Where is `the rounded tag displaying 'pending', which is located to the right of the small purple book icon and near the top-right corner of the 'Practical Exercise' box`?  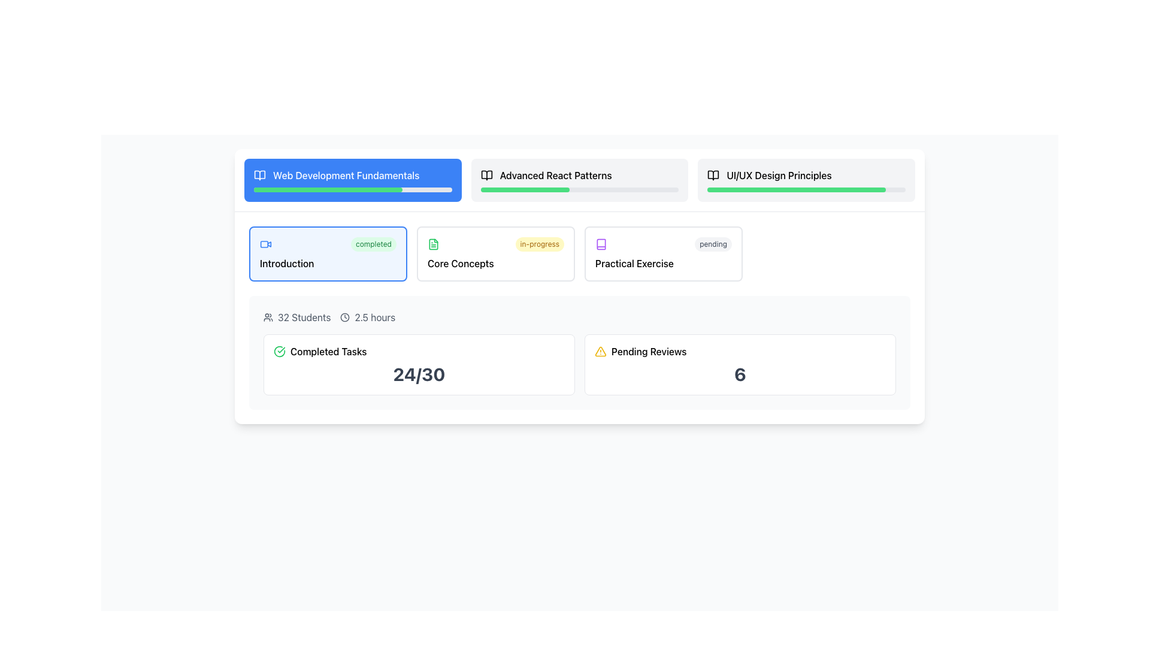
the rounded tag displaying 'pending', which is located to the right of the small purple book icon and near the top-right corner of the 'Practical Exercise' box is located at coordinates (713, 244).